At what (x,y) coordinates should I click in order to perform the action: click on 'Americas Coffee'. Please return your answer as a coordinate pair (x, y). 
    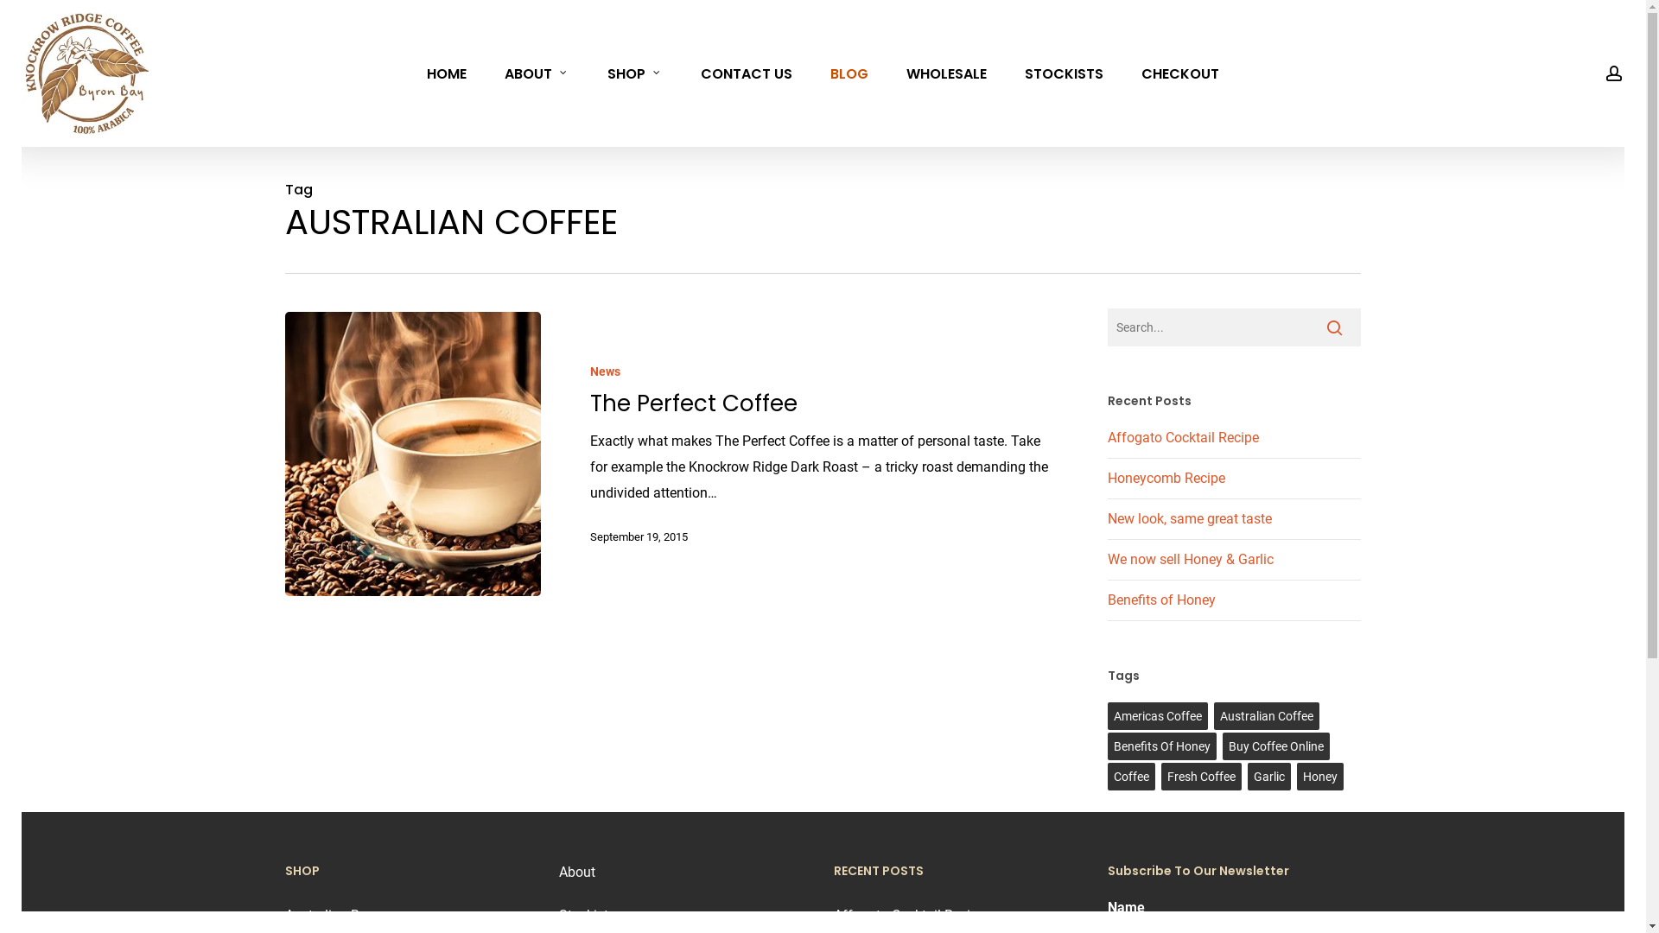
    Looking at the image, I should click on (1157, 716).